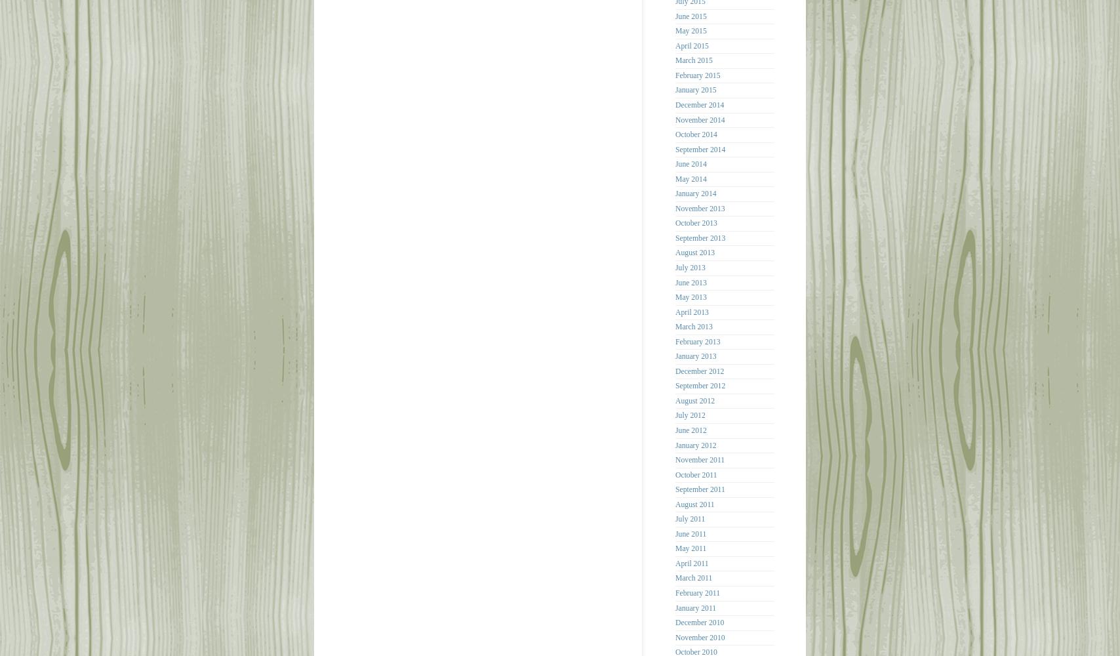 The image size is (1120, 656). What do you see at coordinates (700, 385) in the screenshot?
I see `'September 2012'` at bounding box center [700, 385].